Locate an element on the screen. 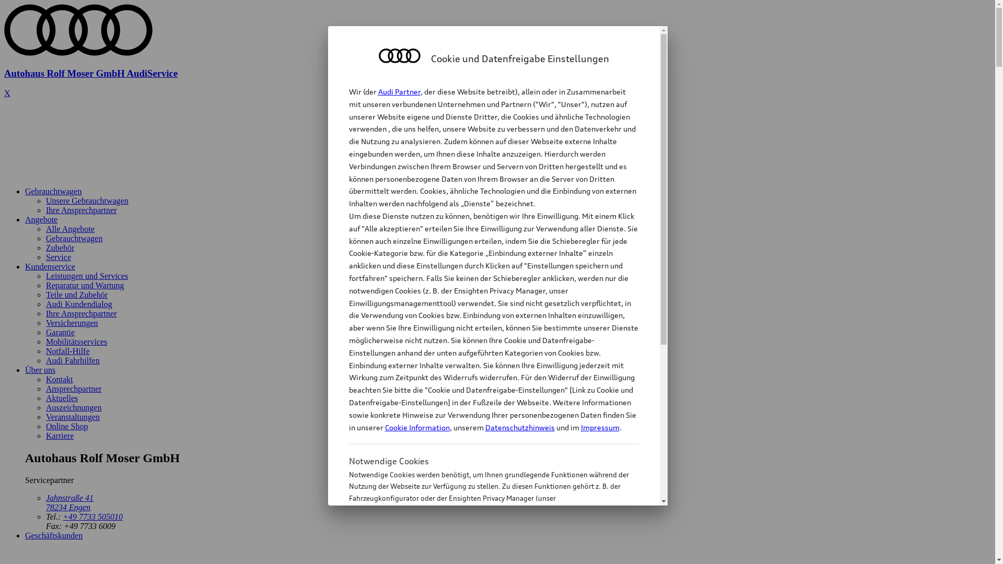  'Kontakt' is located at coordinates (59, 379).